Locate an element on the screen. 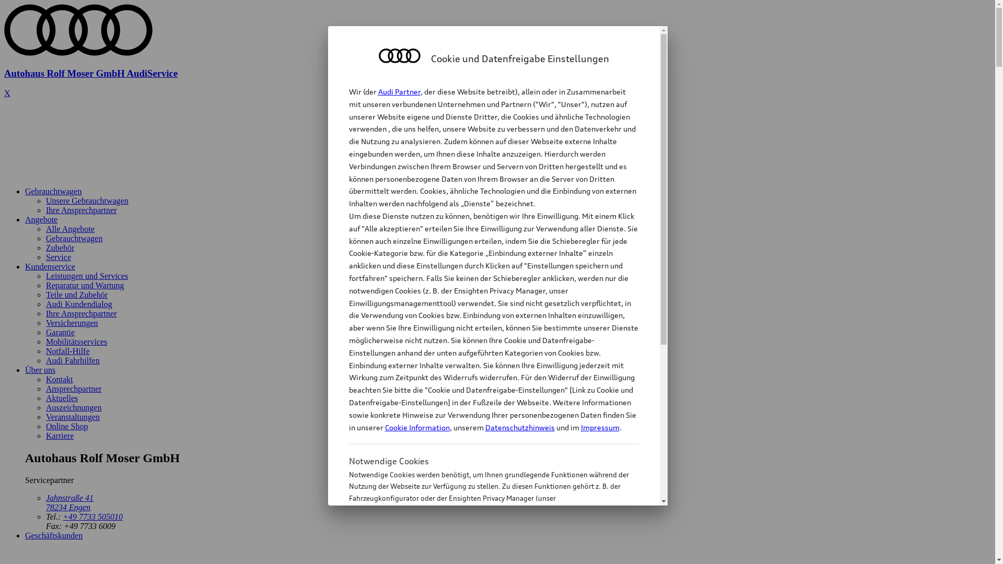  'Kontakt' is located at coordinates (59, 379).